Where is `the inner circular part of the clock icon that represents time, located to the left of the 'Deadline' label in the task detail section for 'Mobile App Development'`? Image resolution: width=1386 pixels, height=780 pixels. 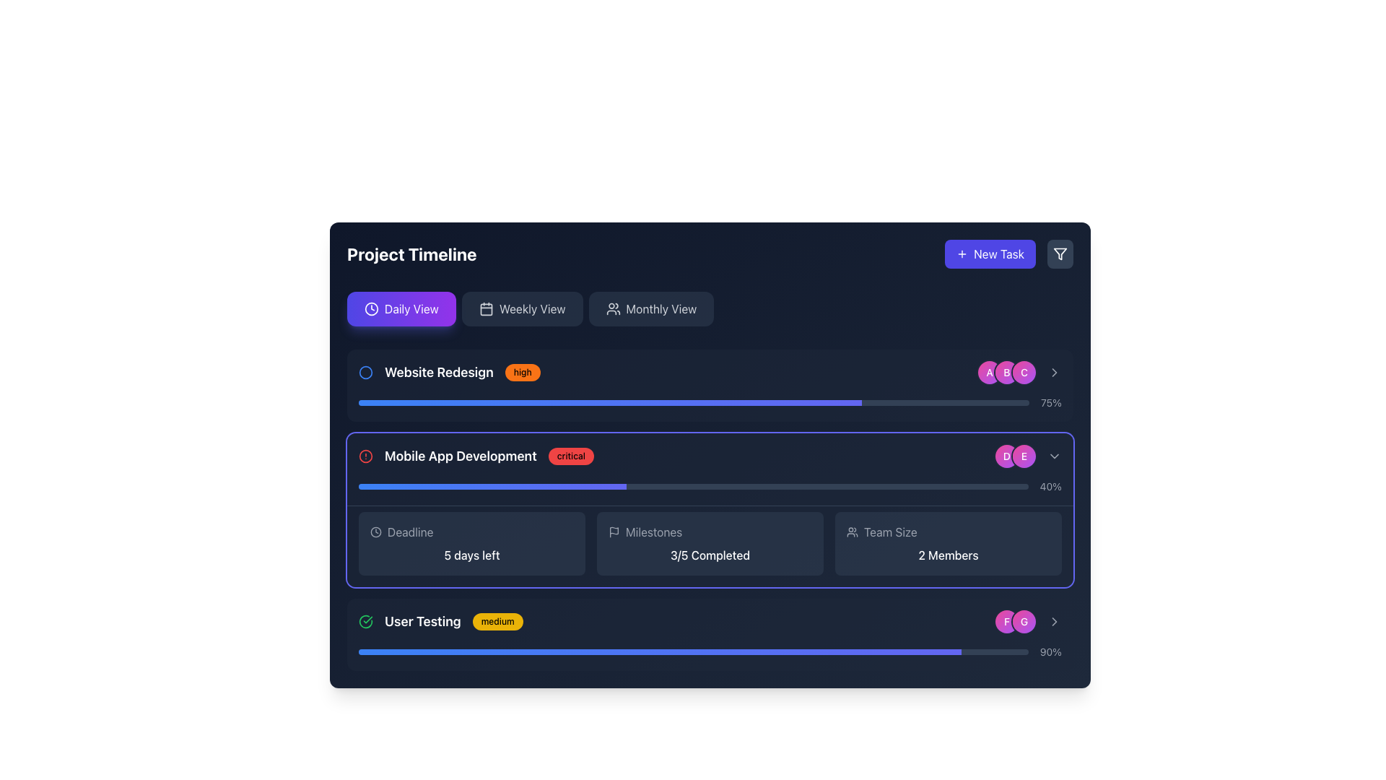
the inner circular part of the clock icon that represents time, located to the left of the 'Deadline' label in the task detail section for 'Mobile App Development' is located at coordinates (371, 308).